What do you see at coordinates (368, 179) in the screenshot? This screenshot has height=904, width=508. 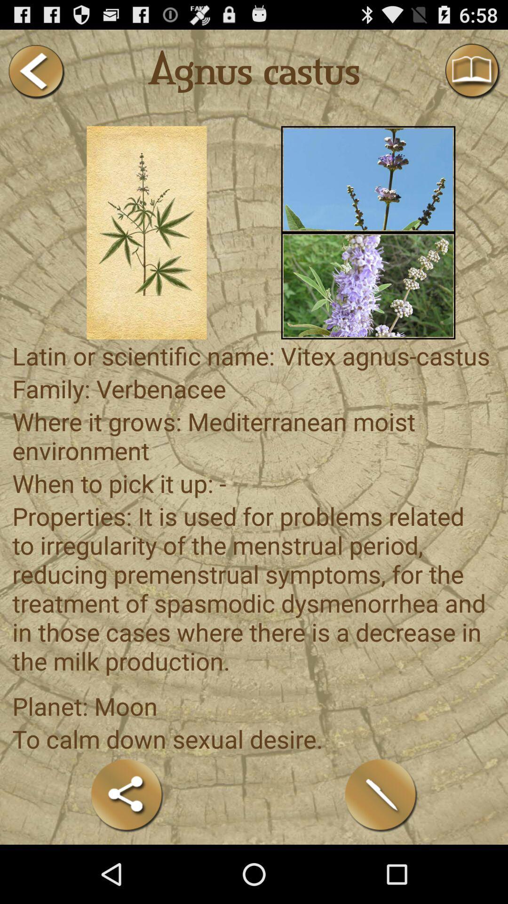 I see `image` at bounding box center [368, 179].